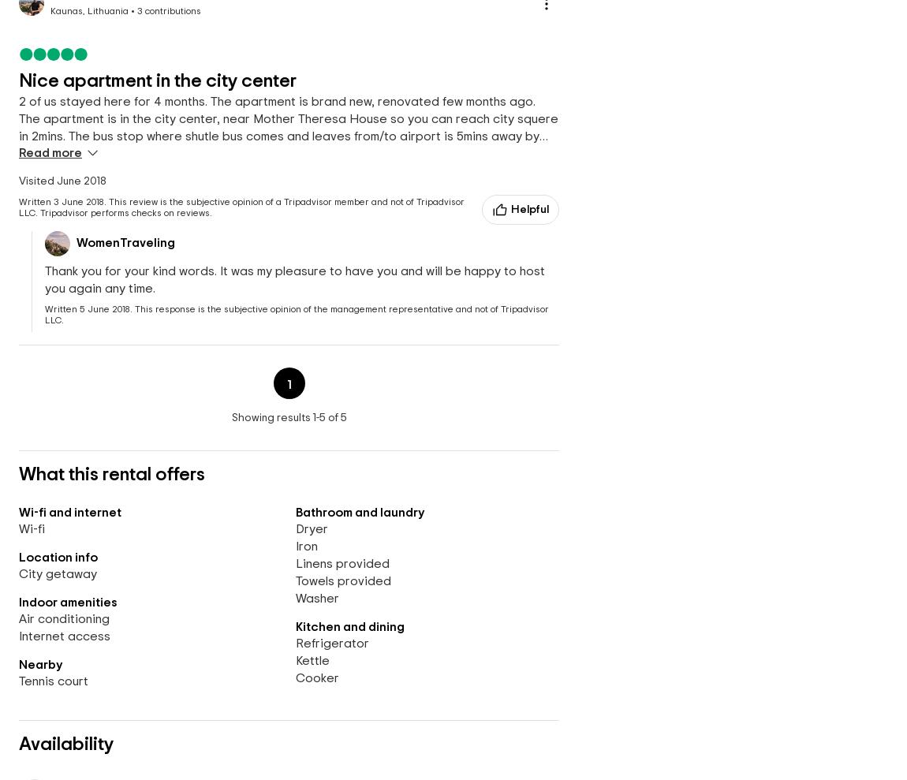 Image resolution: width=907 pixels, height=780 pixels. I want to click on 'This response is the subjective opinion of the management representative and not of Tripadvisor LLC.', so click(297, 314).